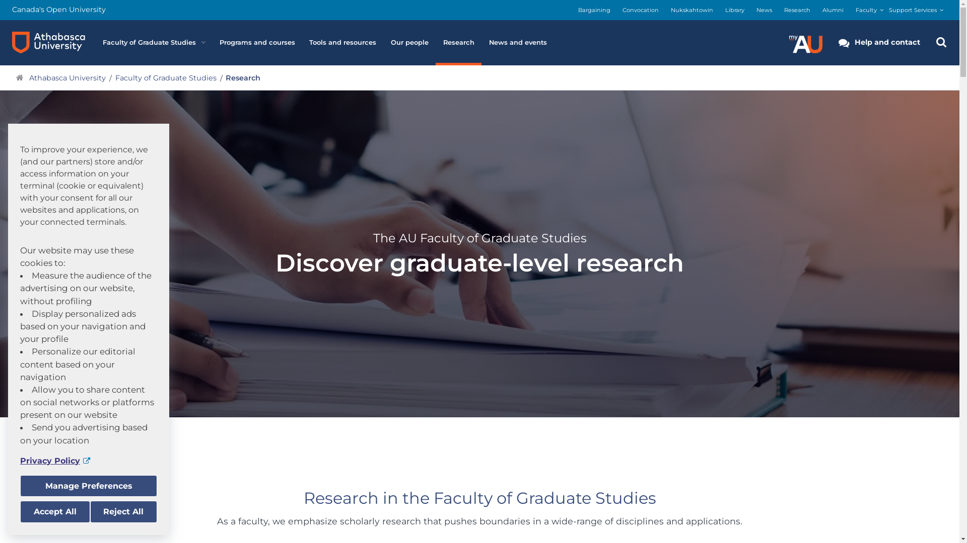  Describe the element at coordinates (89, 461) in the screenshot. I see `'Privacy Policy'` at that location.